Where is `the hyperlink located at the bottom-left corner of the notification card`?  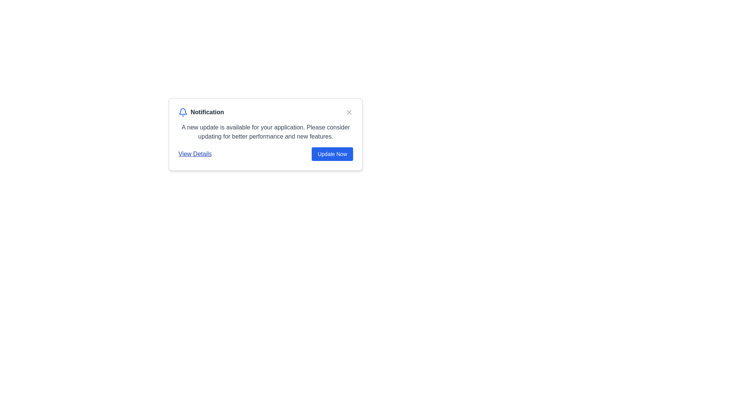 the hyperlink located at the bottom-left corner of the notification card is located at coordinates (195, 154).